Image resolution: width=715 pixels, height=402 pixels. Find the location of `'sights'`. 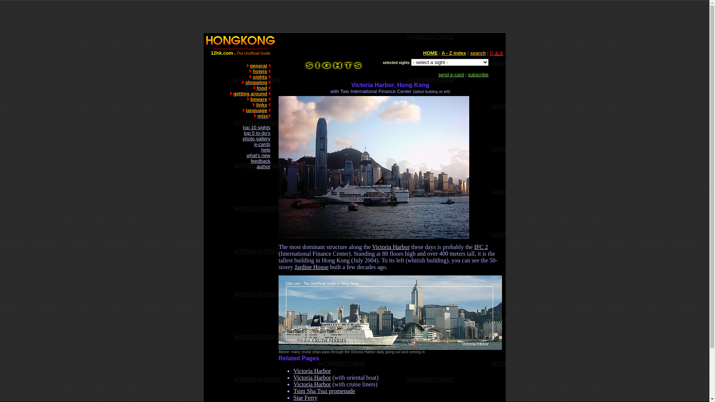

'sights' is located at coordinates (260, 77).